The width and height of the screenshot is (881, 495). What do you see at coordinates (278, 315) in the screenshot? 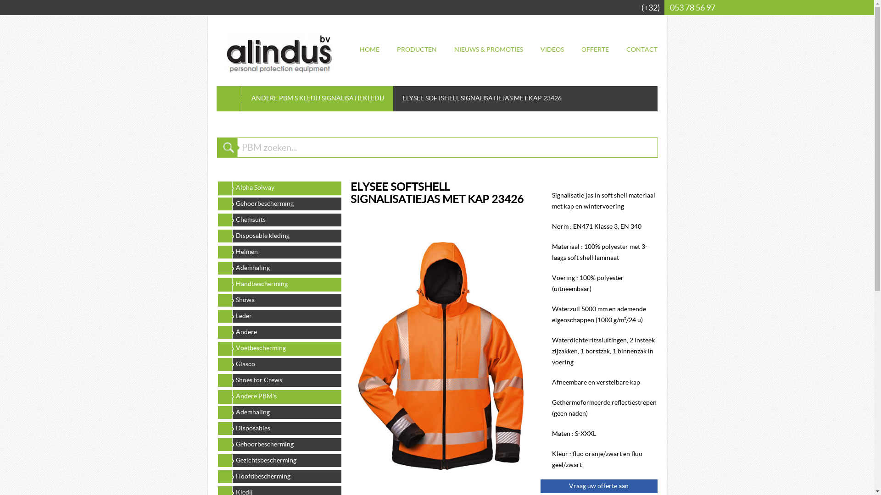
I see `'Leder'` at bounding box center [278, 315].